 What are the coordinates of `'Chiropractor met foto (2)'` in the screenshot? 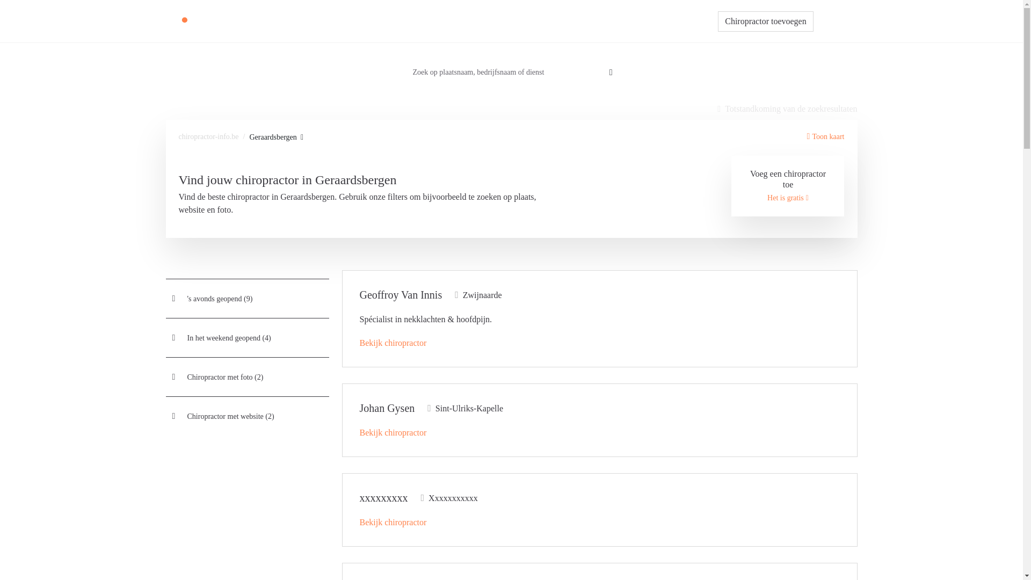 It's located at (246, 376).